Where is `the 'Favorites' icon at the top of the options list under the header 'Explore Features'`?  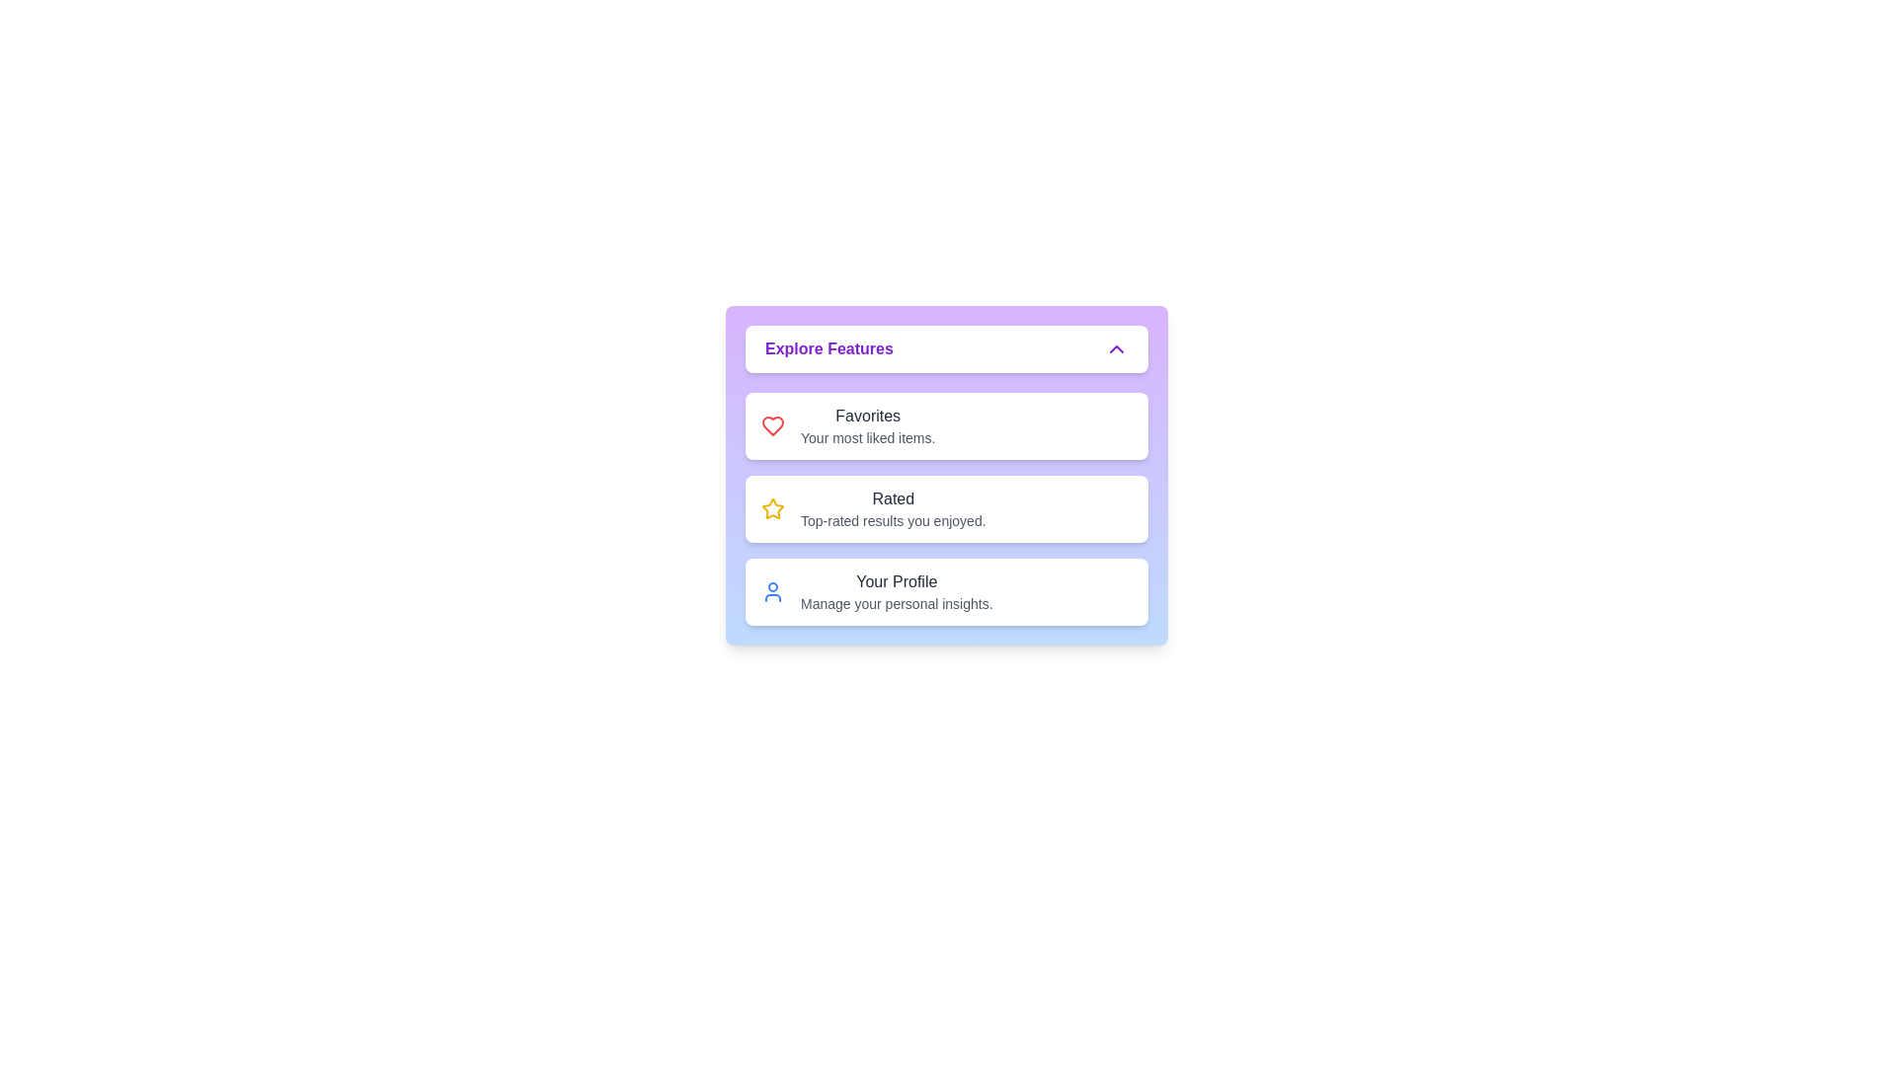 the 'Favorites' icon at the top of the options list under the header 'Explore Features' is located at coordinates (771, 425).